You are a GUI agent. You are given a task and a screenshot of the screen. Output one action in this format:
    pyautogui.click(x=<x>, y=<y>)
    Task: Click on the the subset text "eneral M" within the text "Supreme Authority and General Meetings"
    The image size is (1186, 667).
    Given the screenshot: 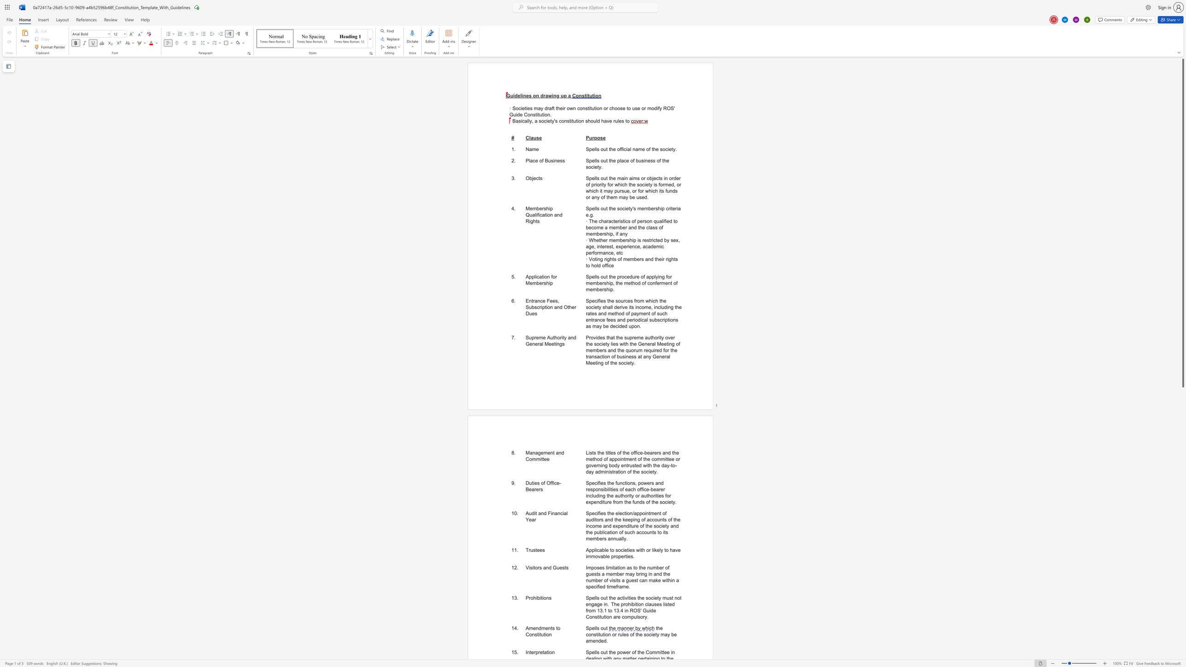 What is the action you would take?
    pyautogui.click(x=529, y=343)
    